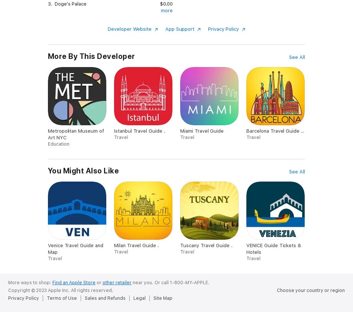 The image size is (353, 312). What do you see at coordinates (75, 134) in the screenshot?
I see `'Metropolitan Museum of Art NYC'` at bounding box center [75, 134].